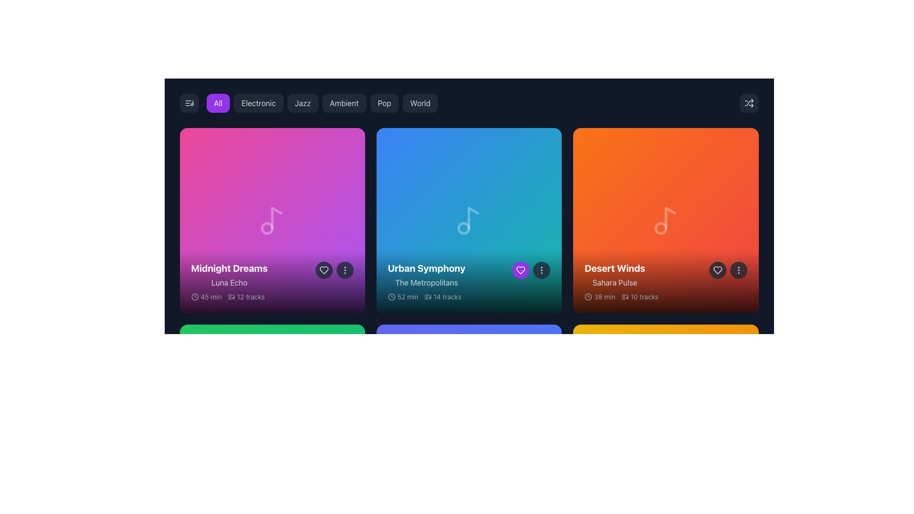 The height and width of the screenshot is (514, 914). Describe the element at coordinates (738, 270) in the screenshot. I see `the circular button with three vertically arranged dots in the 'Desert Winds' section` at that location.